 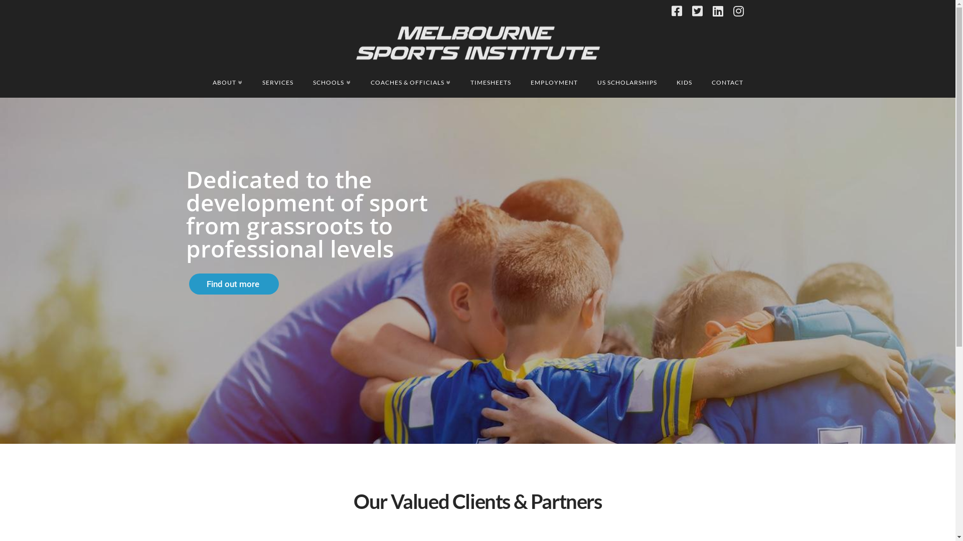 What do you see at coordinates (491, 82) in the screenshot?
I see `'TIMESHEETS'` at bounding box center [491, 82].